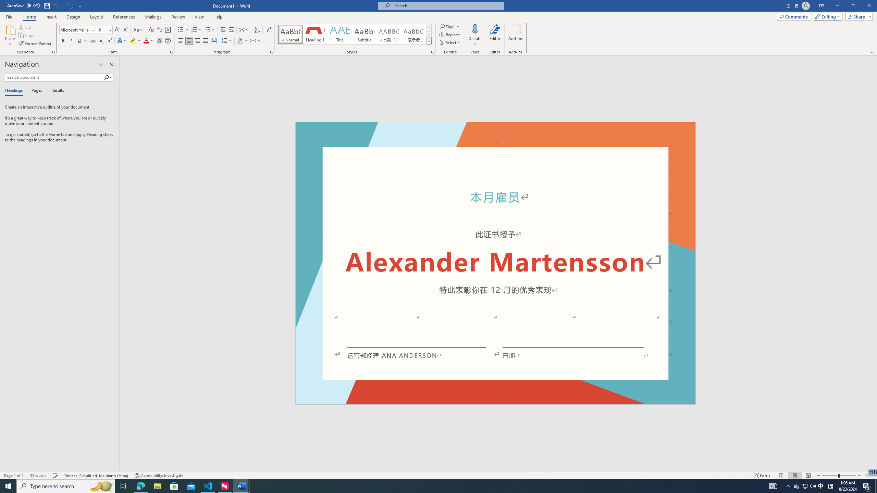  I want to click on 'Italic', so click(71, 40).